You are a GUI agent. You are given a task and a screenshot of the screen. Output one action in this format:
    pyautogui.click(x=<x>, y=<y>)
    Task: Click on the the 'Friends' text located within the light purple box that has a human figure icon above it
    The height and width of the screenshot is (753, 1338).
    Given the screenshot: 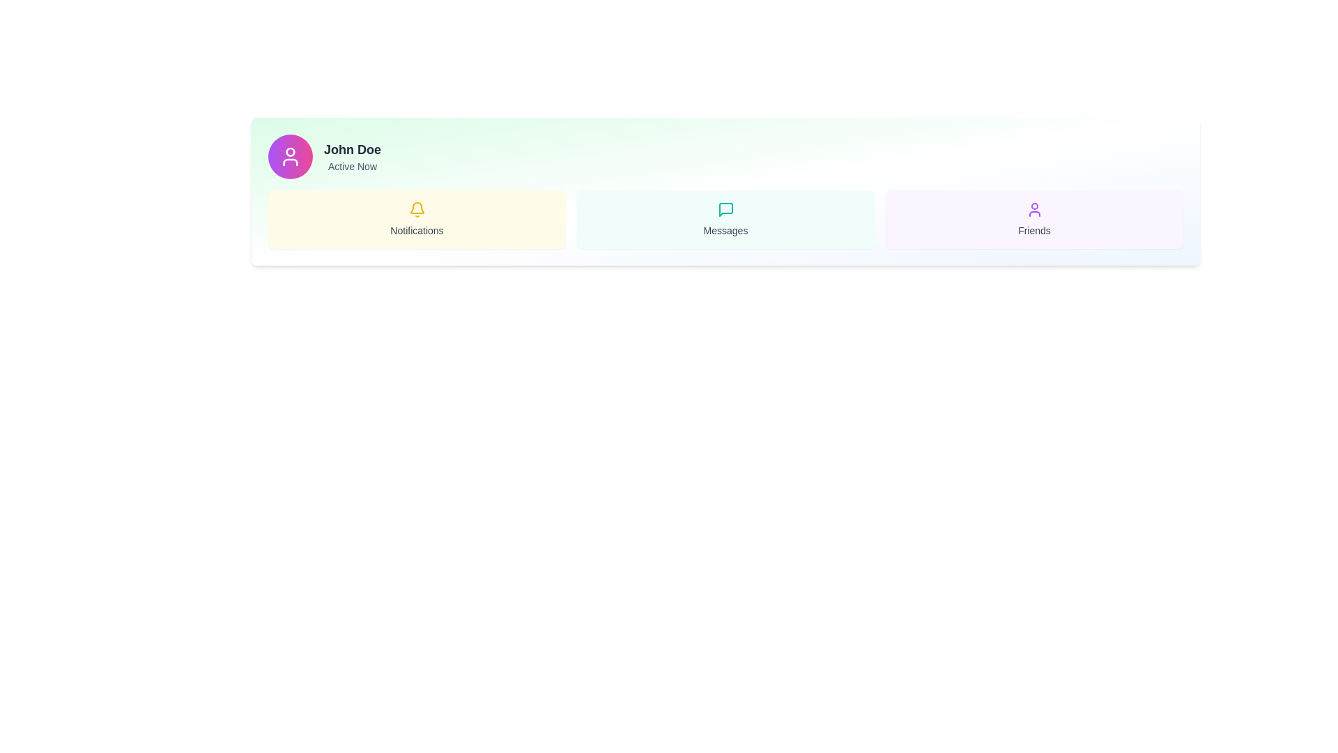 What is the action you would take?
    pyautogui.click(x=1034, y=220)
    